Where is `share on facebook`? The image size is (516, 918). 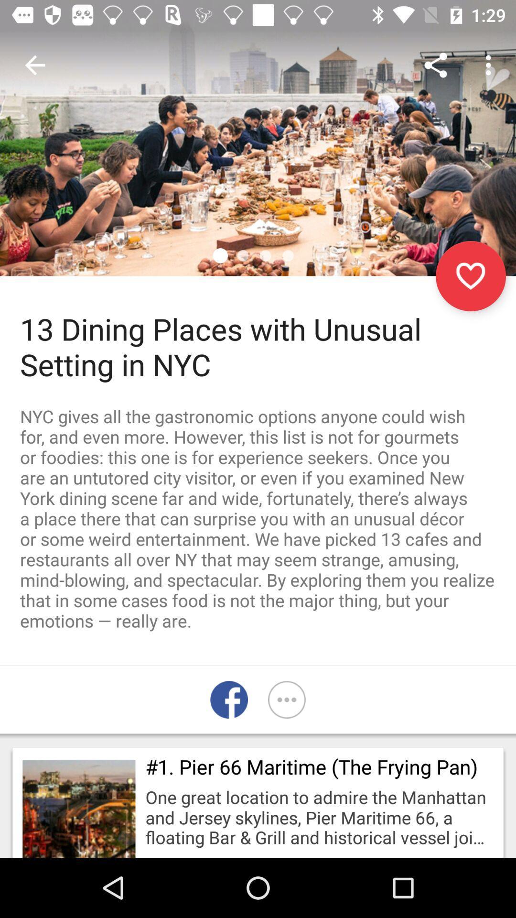 share on facebook is located at coordinates (229, 699).